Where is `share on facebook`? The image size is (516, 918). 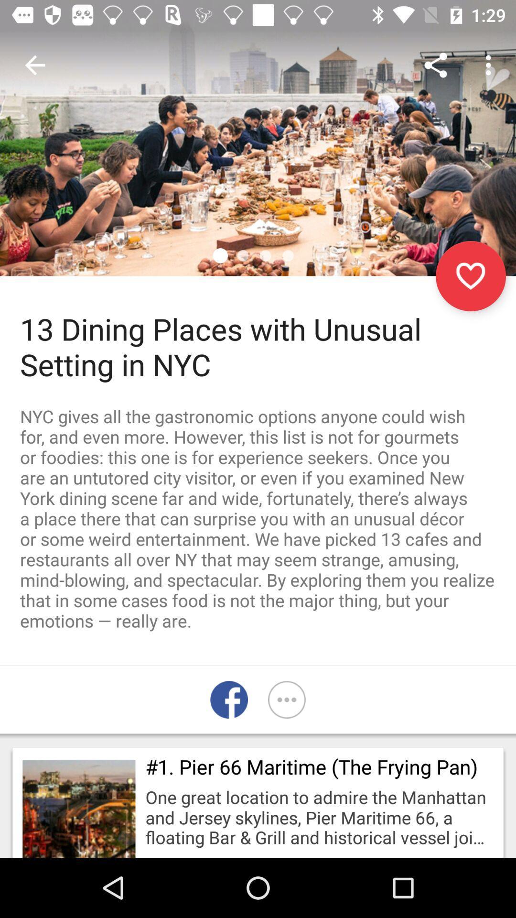 share on facebook is located at coordinates (229, 699).